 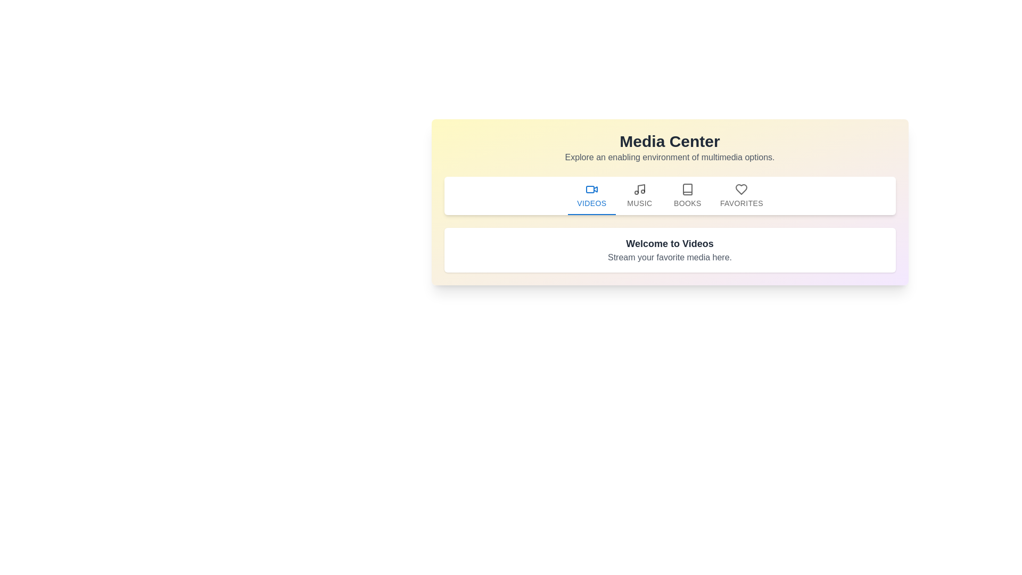 What do you see at coordinates (669, 257) in the screenshot?
I see `the static text label displaying 'Stream your favorite media here.' which is located below the title 'Welcome to Videos'` at bounding box center [669, 257].